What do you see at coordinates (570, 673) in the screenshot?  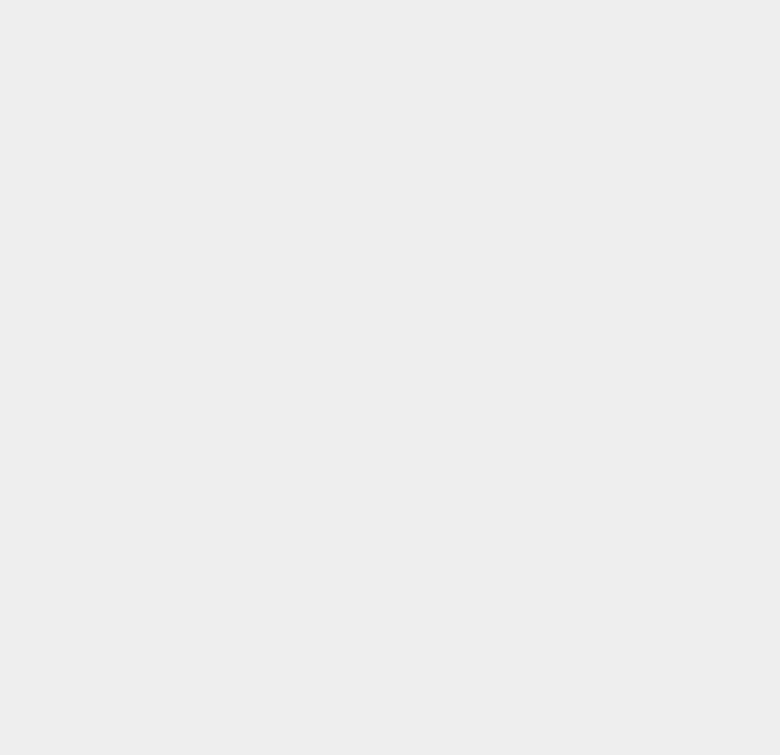 I see `'iOS Beta'` at bounding box center [570, 673].